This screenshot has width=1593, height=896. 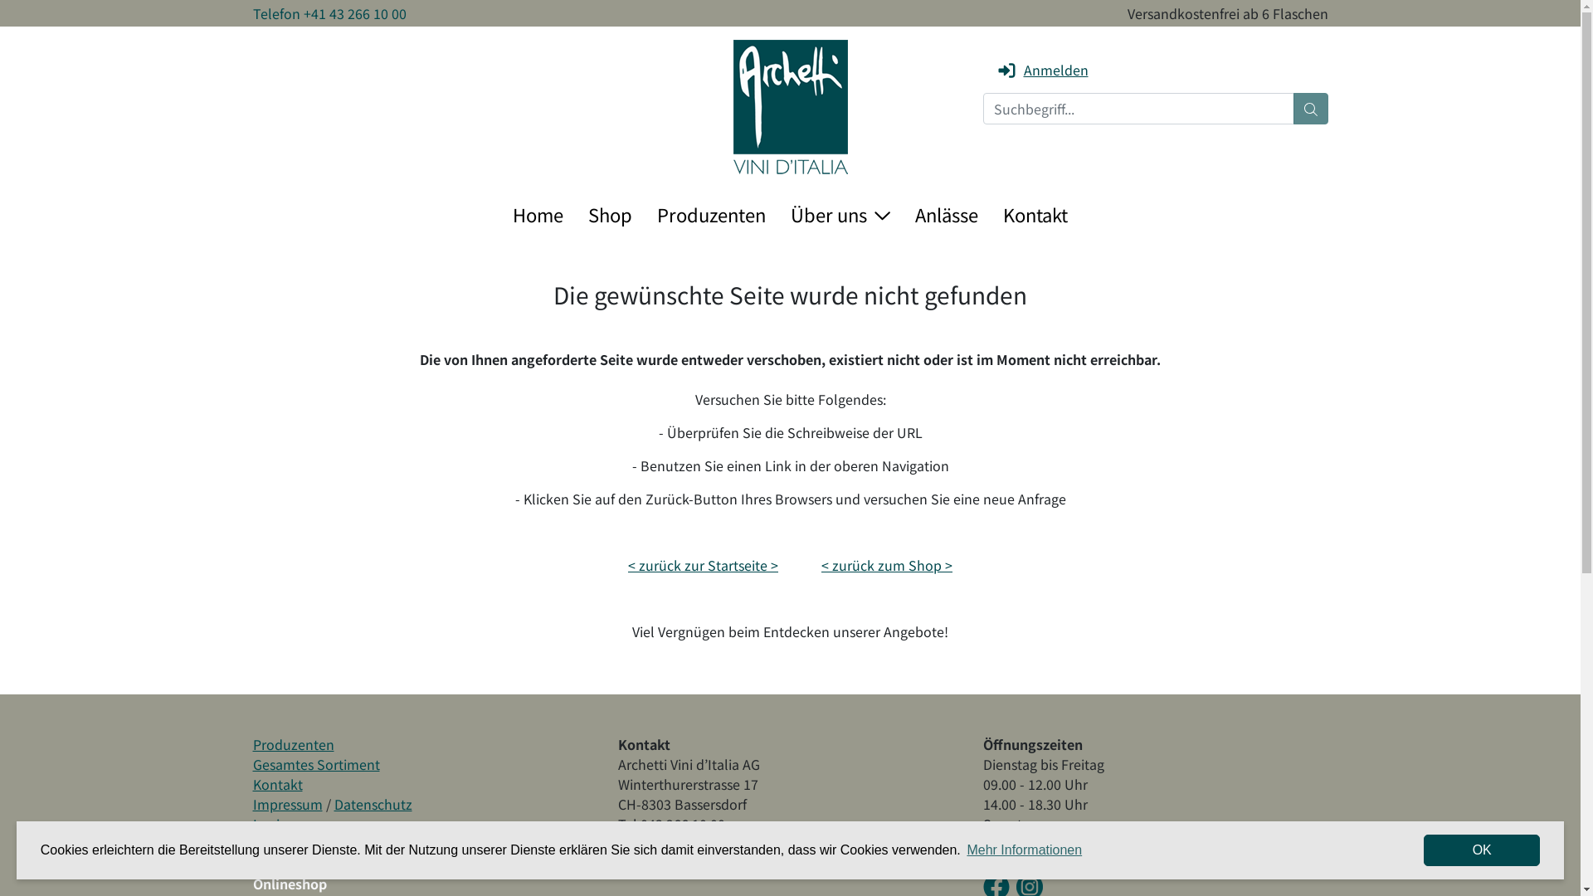 What do you see at coordinates (1040, 69) in the screenshot?
I see `'Anmelden'` at bounding box center [1040, 69].